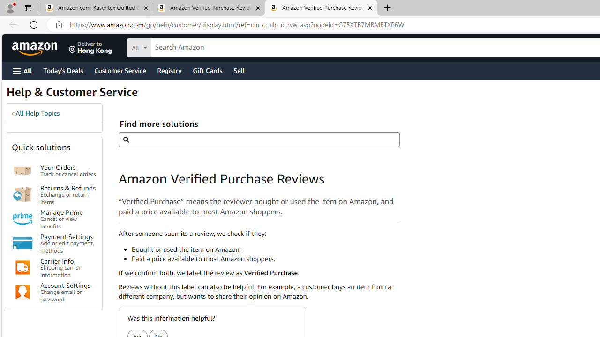 The image size is (600, 337). Describe the element at coordinates (59, 24) in the screenshot. I see `'View site information'` at that location.